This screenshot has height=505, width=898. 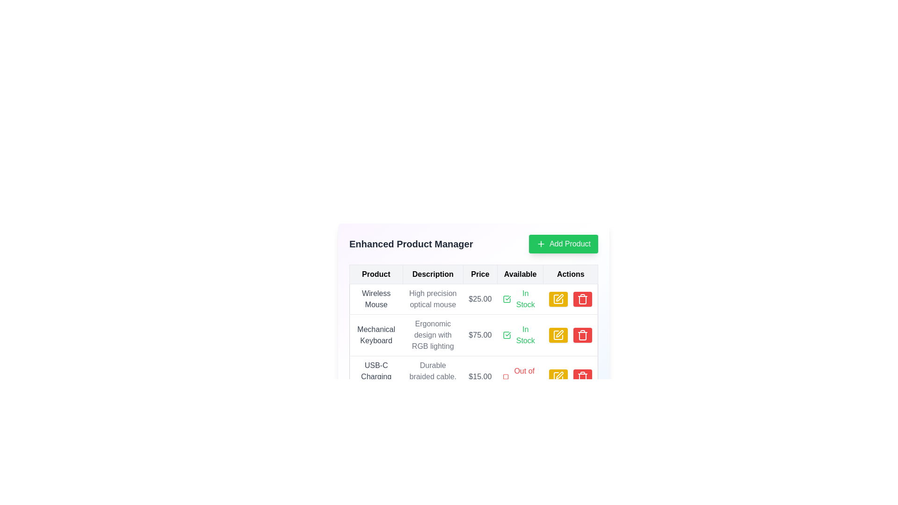 I want to click on the delete action button located in the 'Actions' column of the table for the product 'USB-C Charging Cable', so click(x=582, y=376).